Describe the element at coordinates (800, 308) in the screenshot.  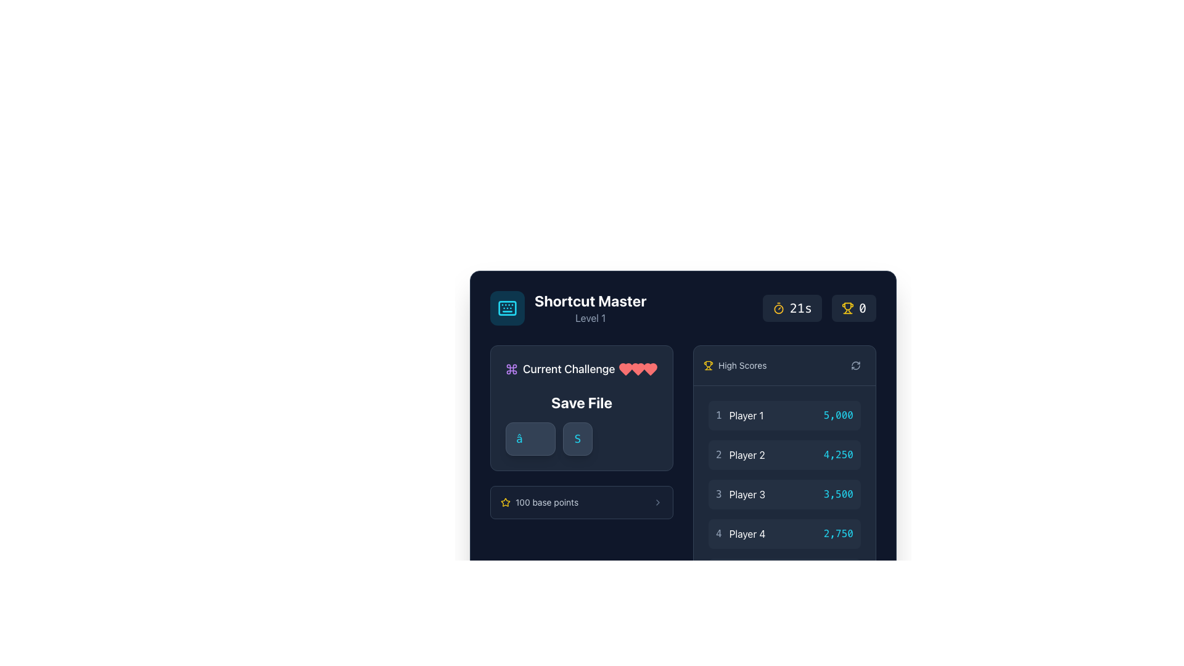
I see `displayed time from the text element located at the top-right corner of the user interface, which shows a time value likely indicating a countdown or elapsed time in seconds` at that location.